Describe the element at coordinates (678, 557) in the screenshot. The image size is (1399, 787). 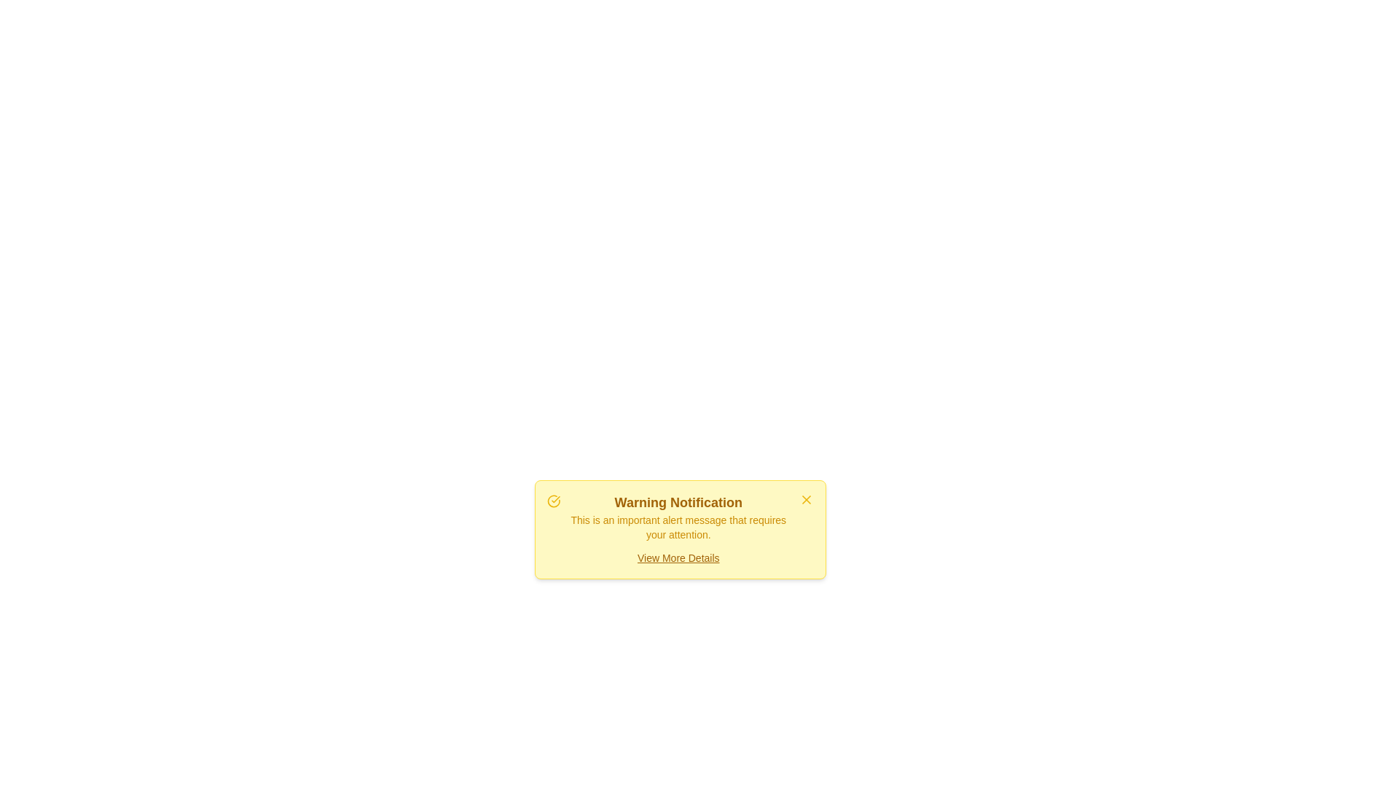
I see `the 'View More Details' button to open the detailed information link` at that location.